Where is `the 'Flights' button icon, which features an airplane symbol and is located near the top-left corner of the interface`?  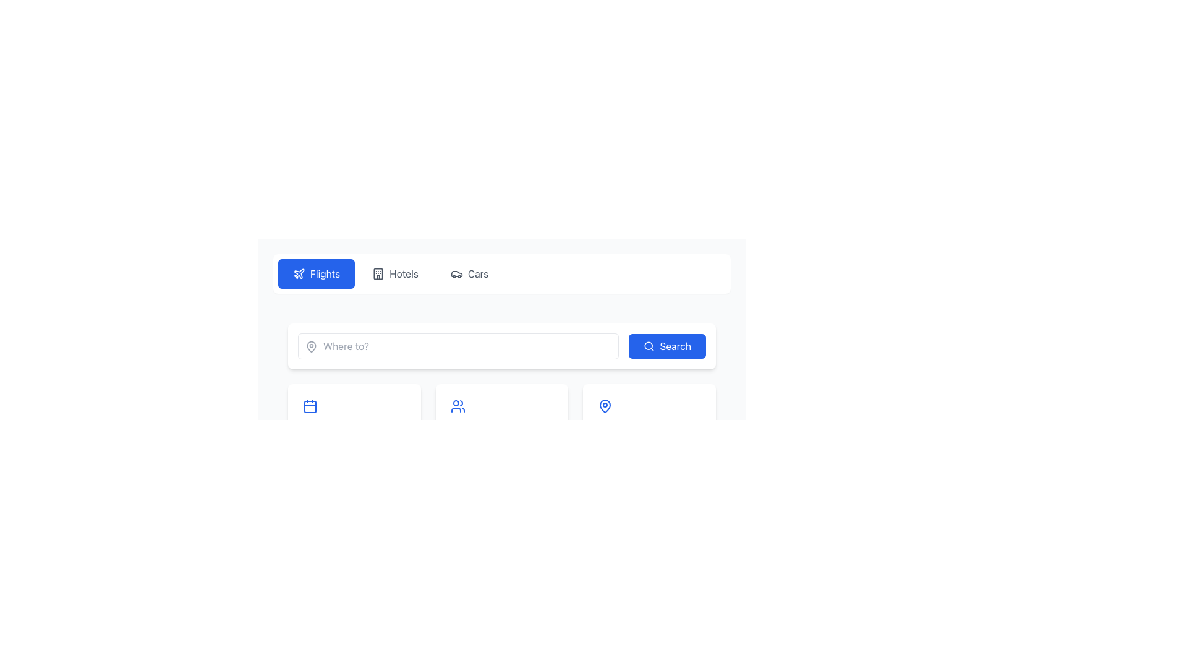
the 'Flights' button icon, which features an airplane symbol and is located near the top-left corner of the interface is located at coordinates (299, 273).